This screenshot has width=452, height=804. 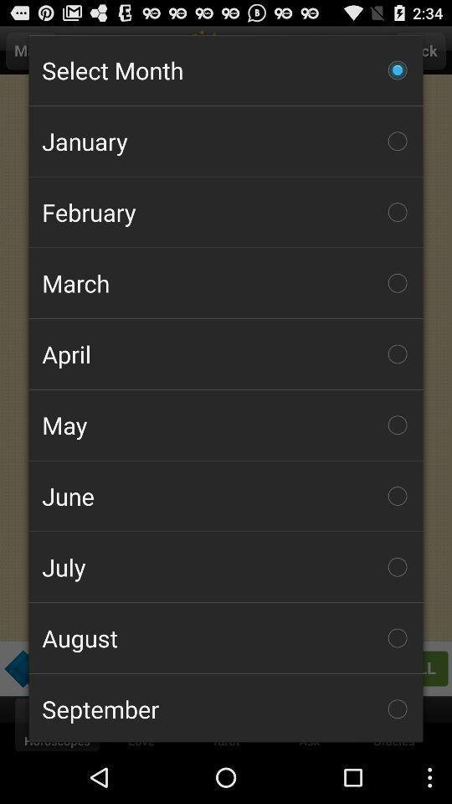 I want to click on the select month icon, so click(x=226, y=70).